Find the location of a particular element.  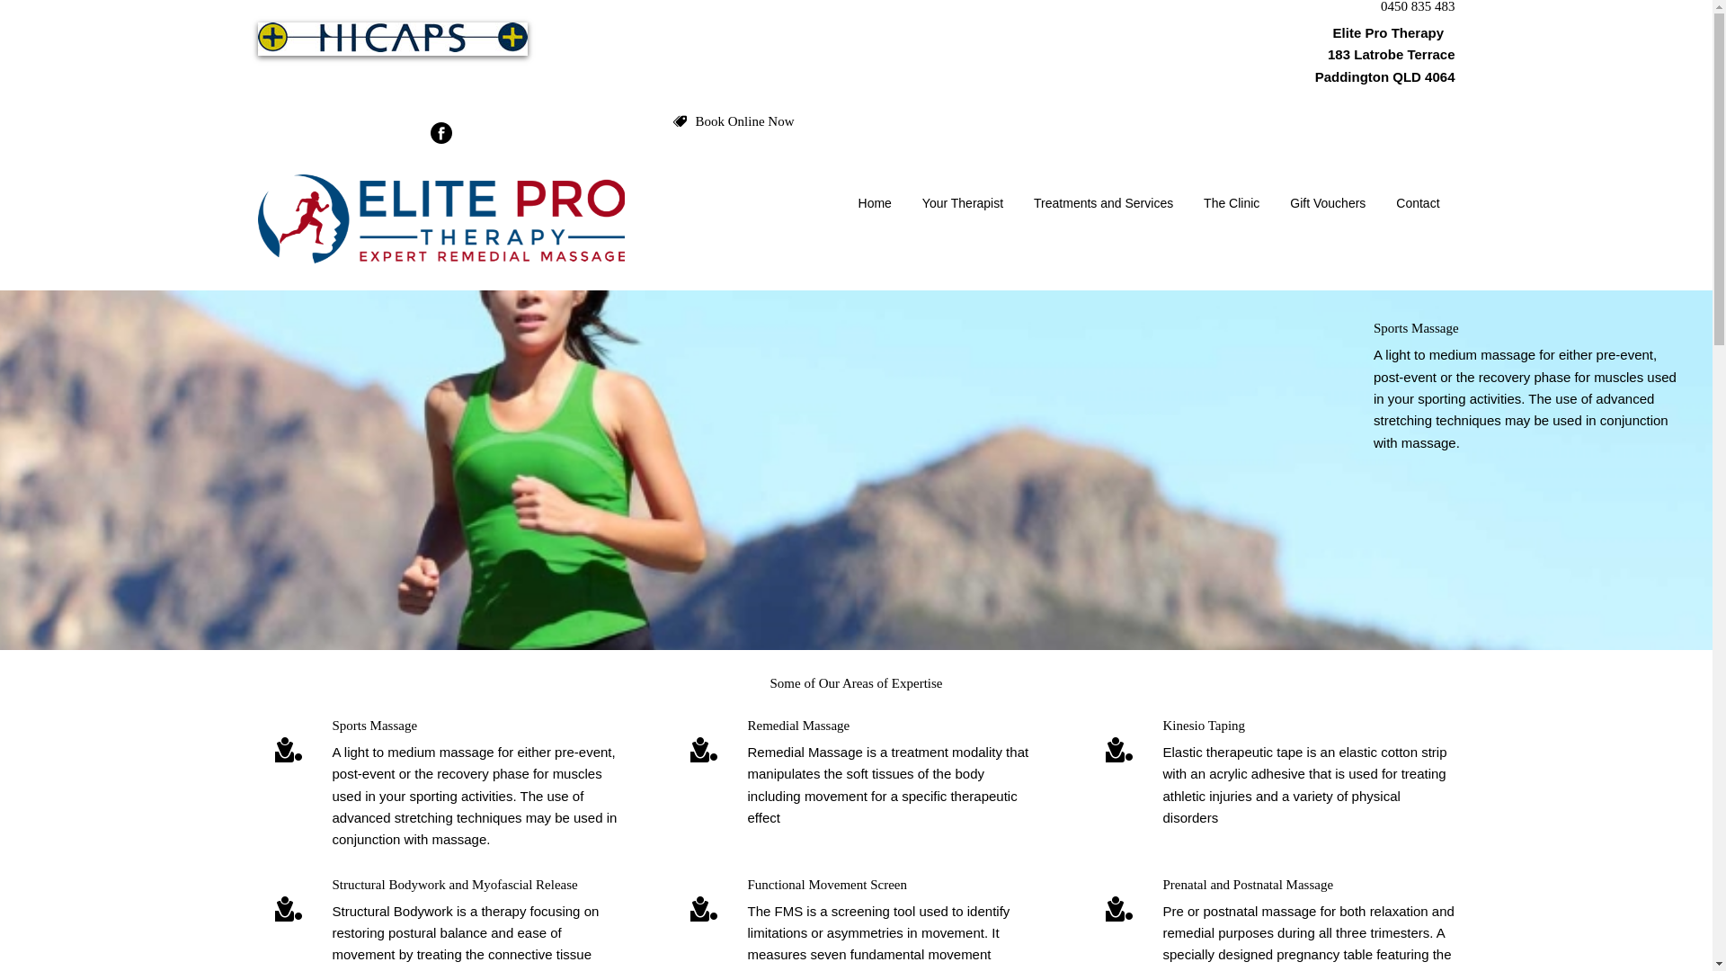

'Your Therapist' is located at coordinates (961, 202).